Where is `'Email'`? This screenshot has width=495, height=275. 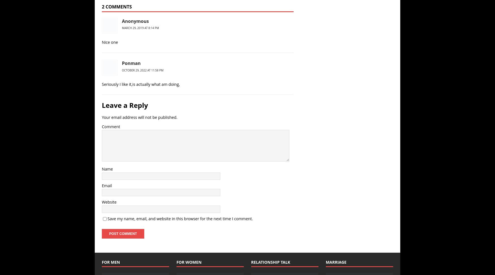 'Email' is located at coordinates (106, 185).